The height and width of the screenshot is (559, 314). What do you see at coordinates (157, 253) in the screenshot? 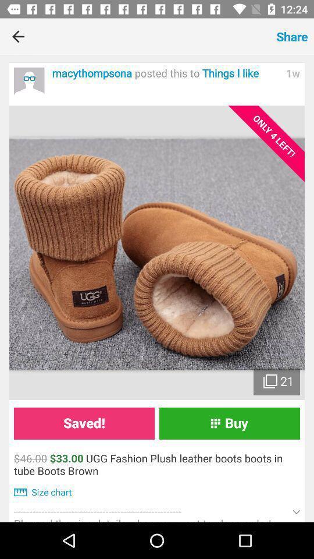
I see `photo of product` at bounding box center [157, 253].